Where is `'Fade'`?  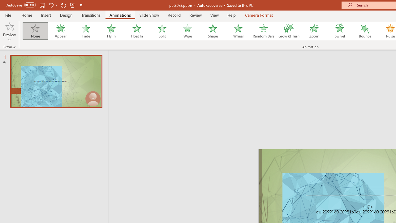
'Fade' is located at coordinates (85, 31).